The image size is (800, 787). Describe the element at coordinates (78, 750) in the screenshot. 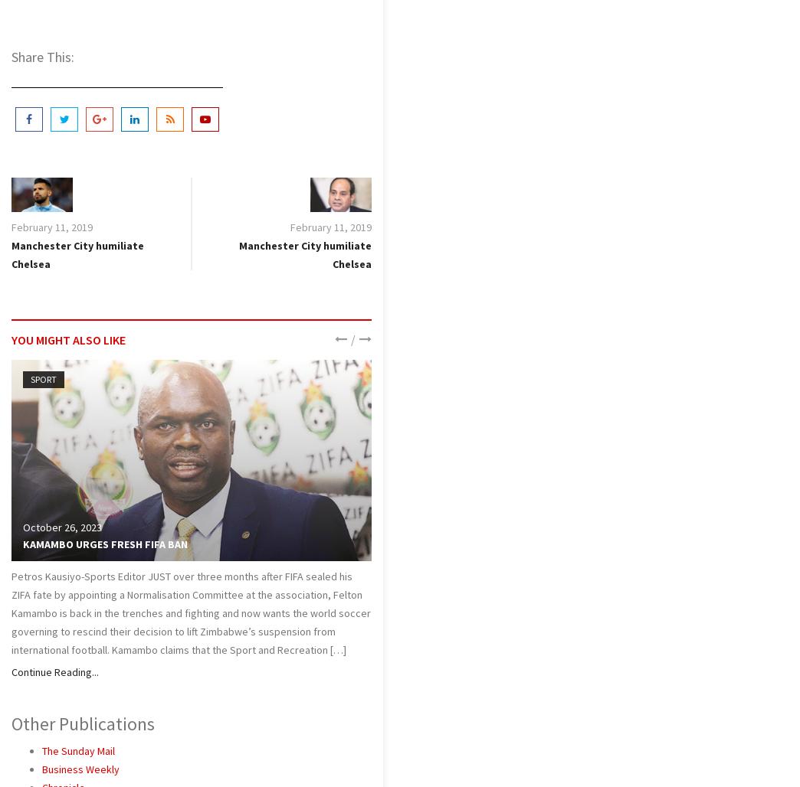

I see `'The Sunday Mail'` at that location.